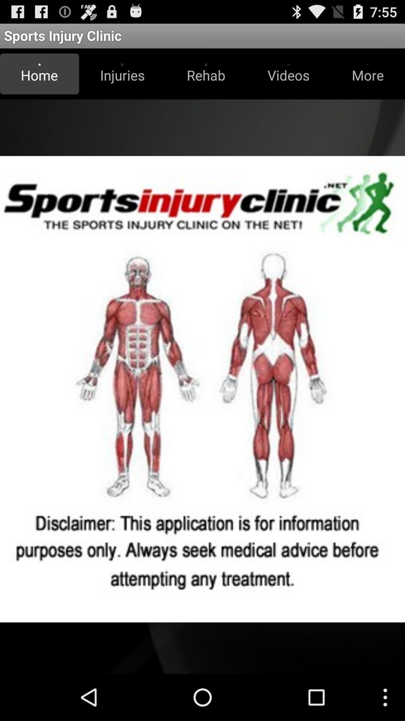  What do you see at coordinates (122, 74) in the screenshot?
I see `item to the right of home` at bounding box center [122, 74].